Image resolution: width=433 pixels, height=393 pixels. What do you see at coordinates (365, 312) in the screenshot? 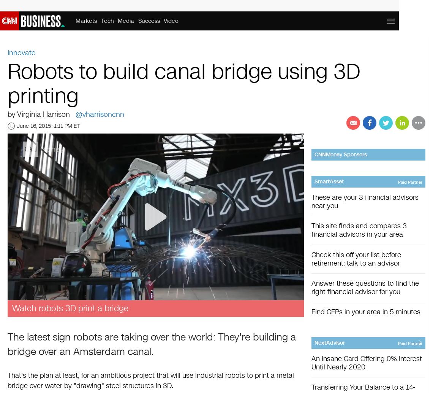
I see `'Find CFPs in your area in 5 minutes'` at bounding box center [365, 312].